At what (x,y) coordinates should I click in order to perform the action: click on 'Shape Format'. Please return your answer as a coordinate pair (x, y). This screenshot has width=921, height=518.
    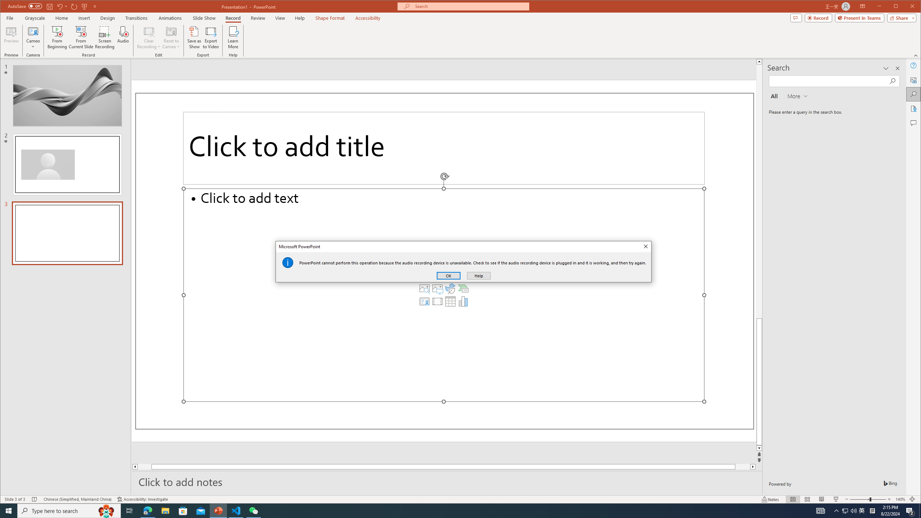
    Looking at the image, I should click on (330, 18).